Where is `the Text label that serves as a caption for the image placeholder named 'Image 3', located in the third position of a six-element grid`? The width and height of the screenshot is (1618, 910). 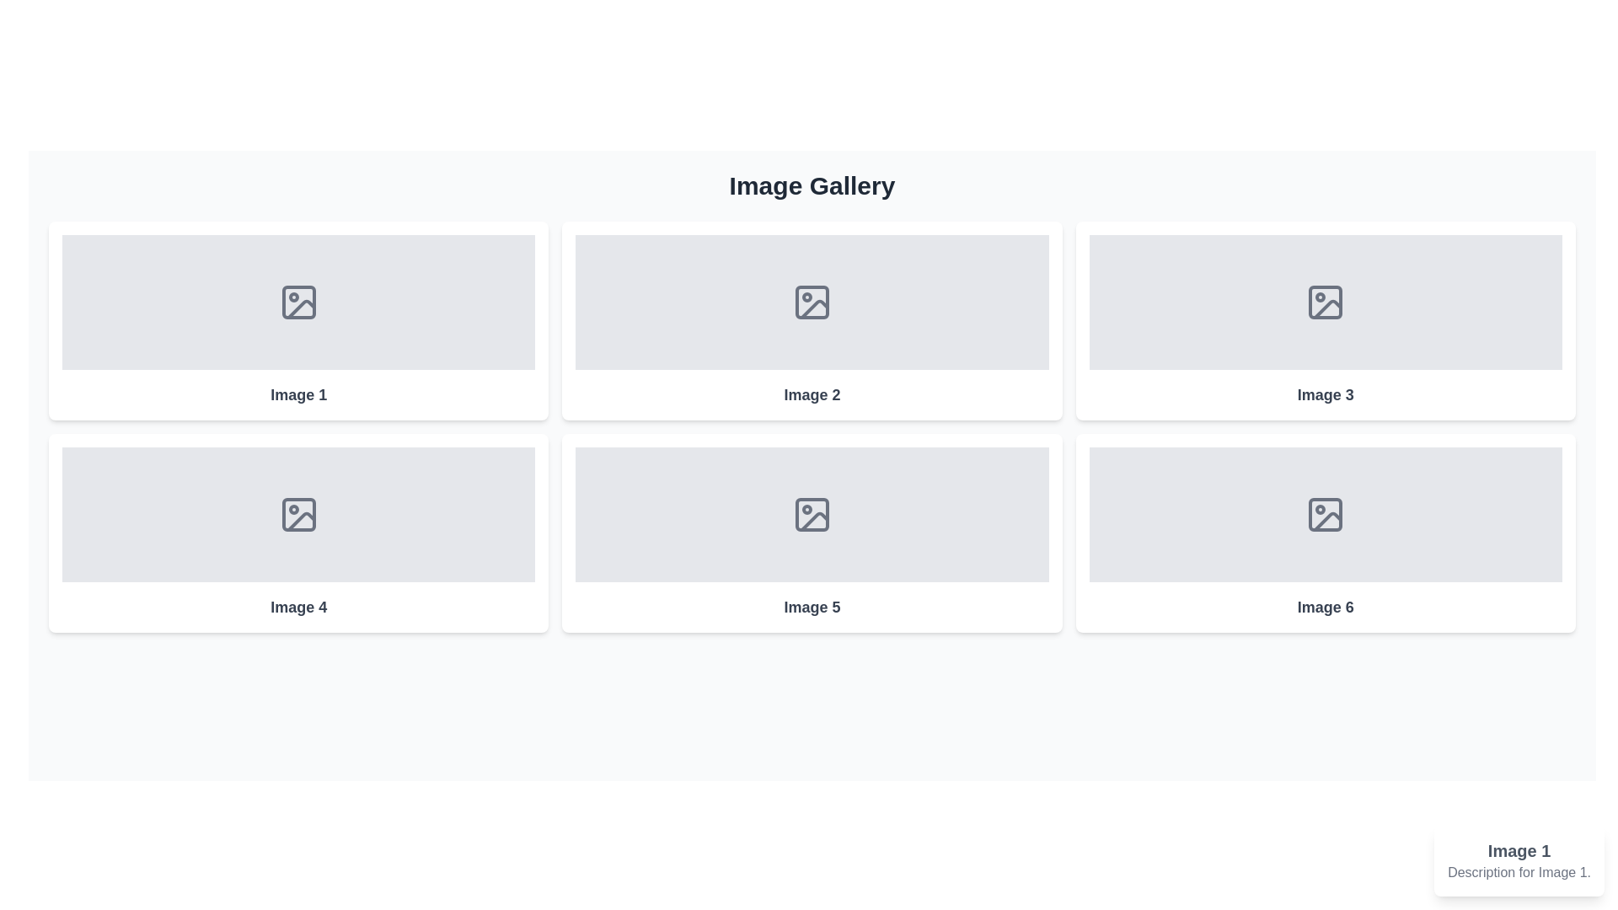 the Text label that serves as a caption for the image placeholder named 'Image 3', located in the third position of a six-element grid is located at coordinates (1325, 395).